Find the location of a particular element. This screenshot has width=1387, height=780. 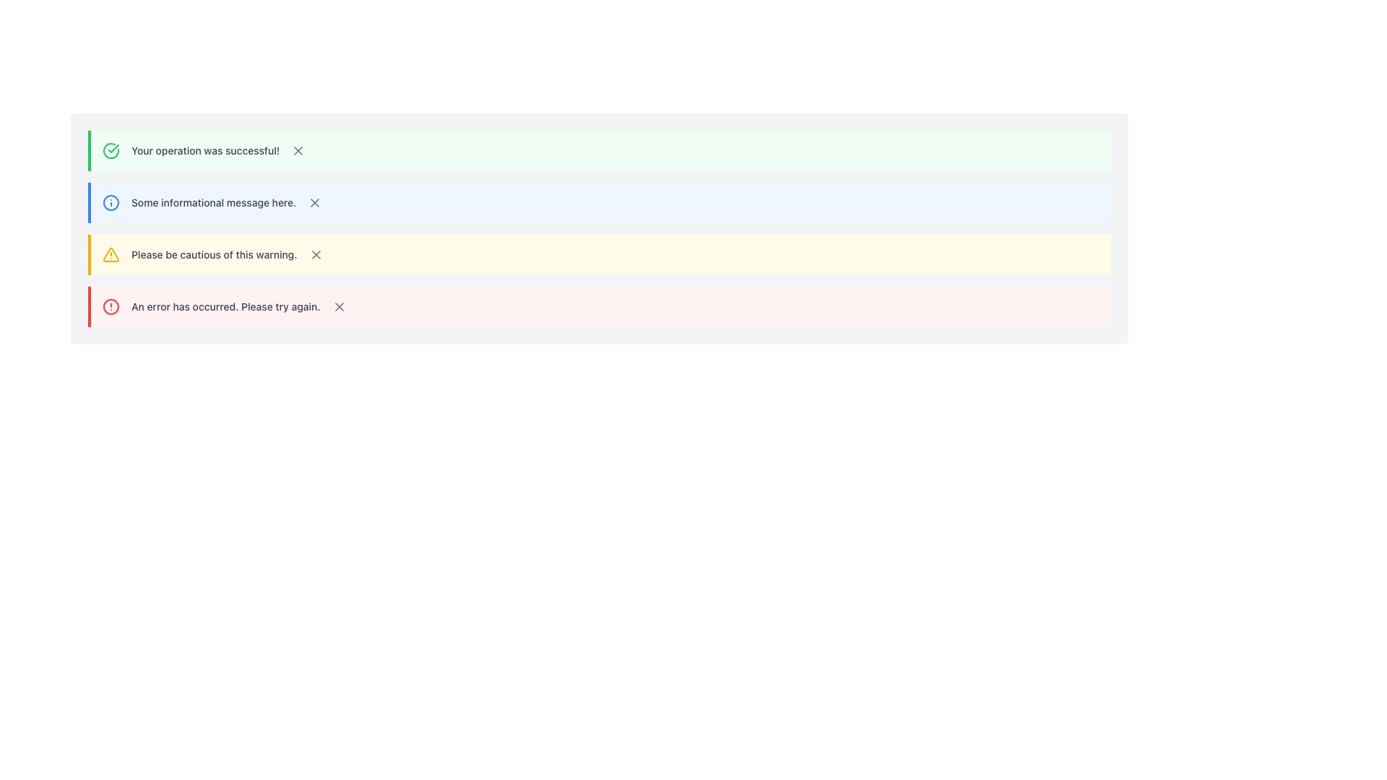

the green checkmark icon that symbolizes a successful operation, located in the first notification bar labeled 'Your operation was successful!' is located at coordinates (113, 148).